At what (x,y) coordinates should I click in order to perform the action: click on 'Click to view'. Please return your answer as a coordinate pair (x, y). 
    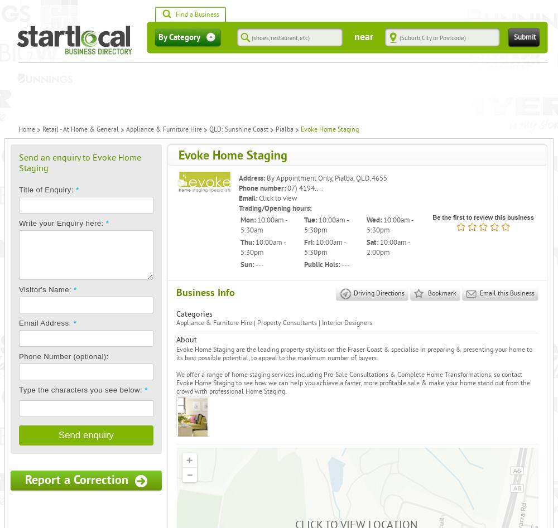
    Looking at the image, I should click on (277, 197).